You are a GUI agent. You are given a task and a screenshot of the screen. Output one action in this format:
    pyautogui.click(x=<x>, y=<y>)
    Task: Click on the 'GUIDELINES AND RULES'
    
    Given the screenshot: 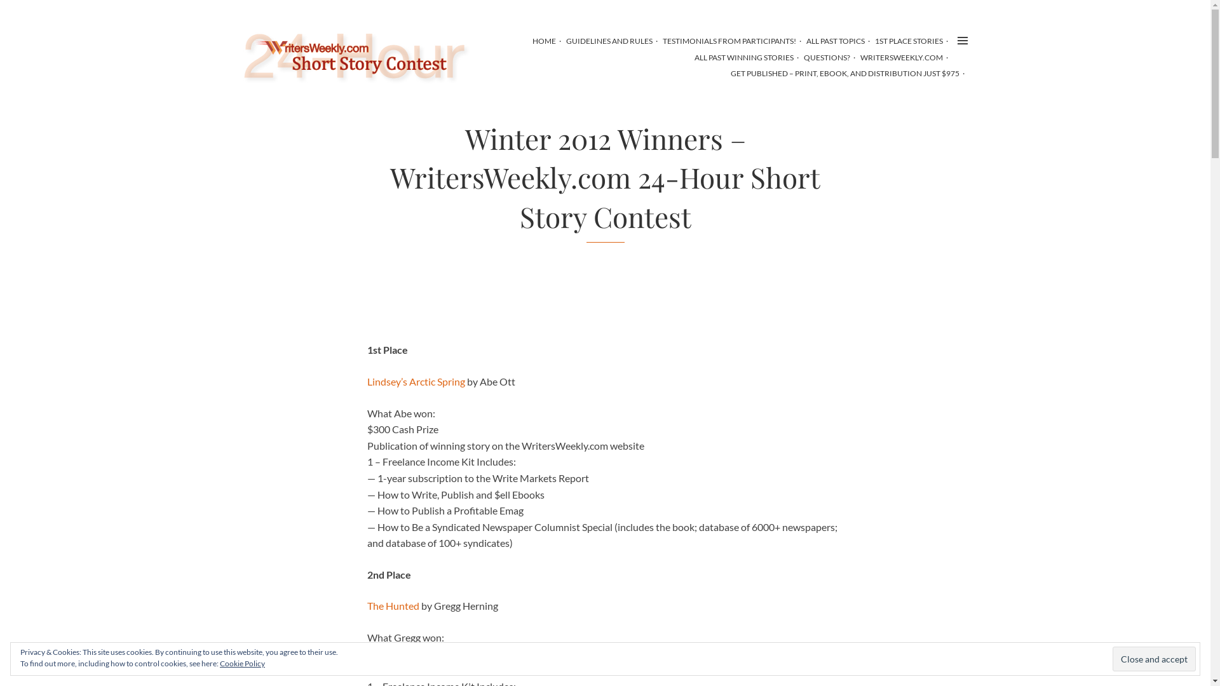 What is the action you would take?
    pyautogui.click(x=608, y=40)
    